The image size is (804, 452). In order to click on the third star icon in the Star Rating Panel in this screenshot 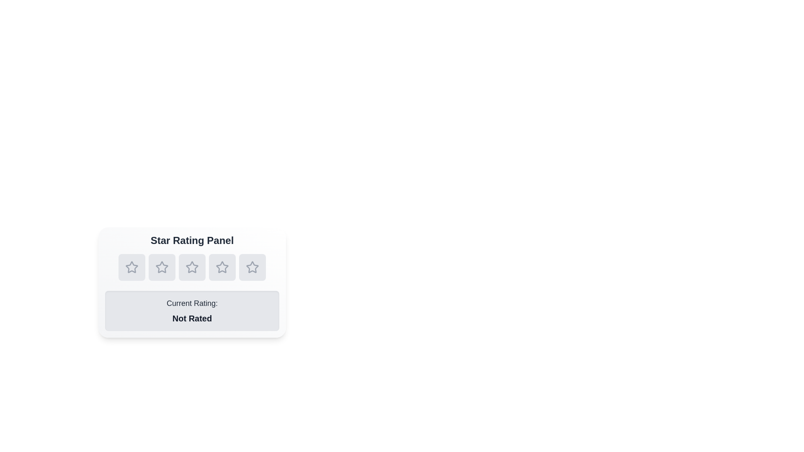, I will do `click(192, 267)`.